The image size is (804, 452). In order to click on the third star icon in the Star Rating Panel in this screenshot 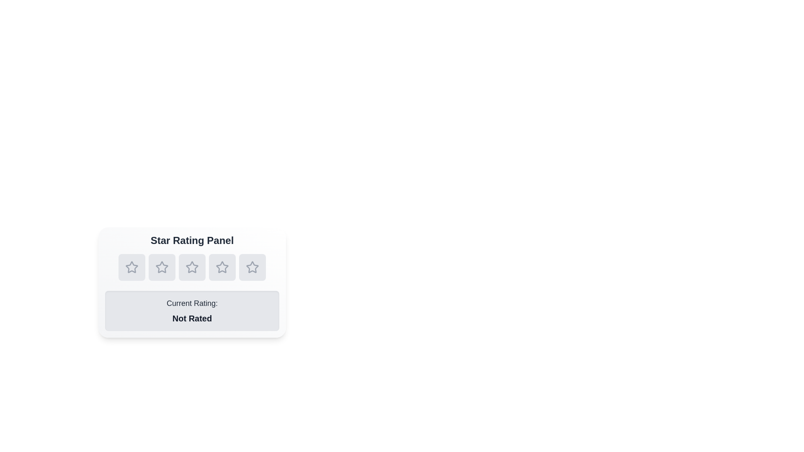, I will do `click(192, 267)`.